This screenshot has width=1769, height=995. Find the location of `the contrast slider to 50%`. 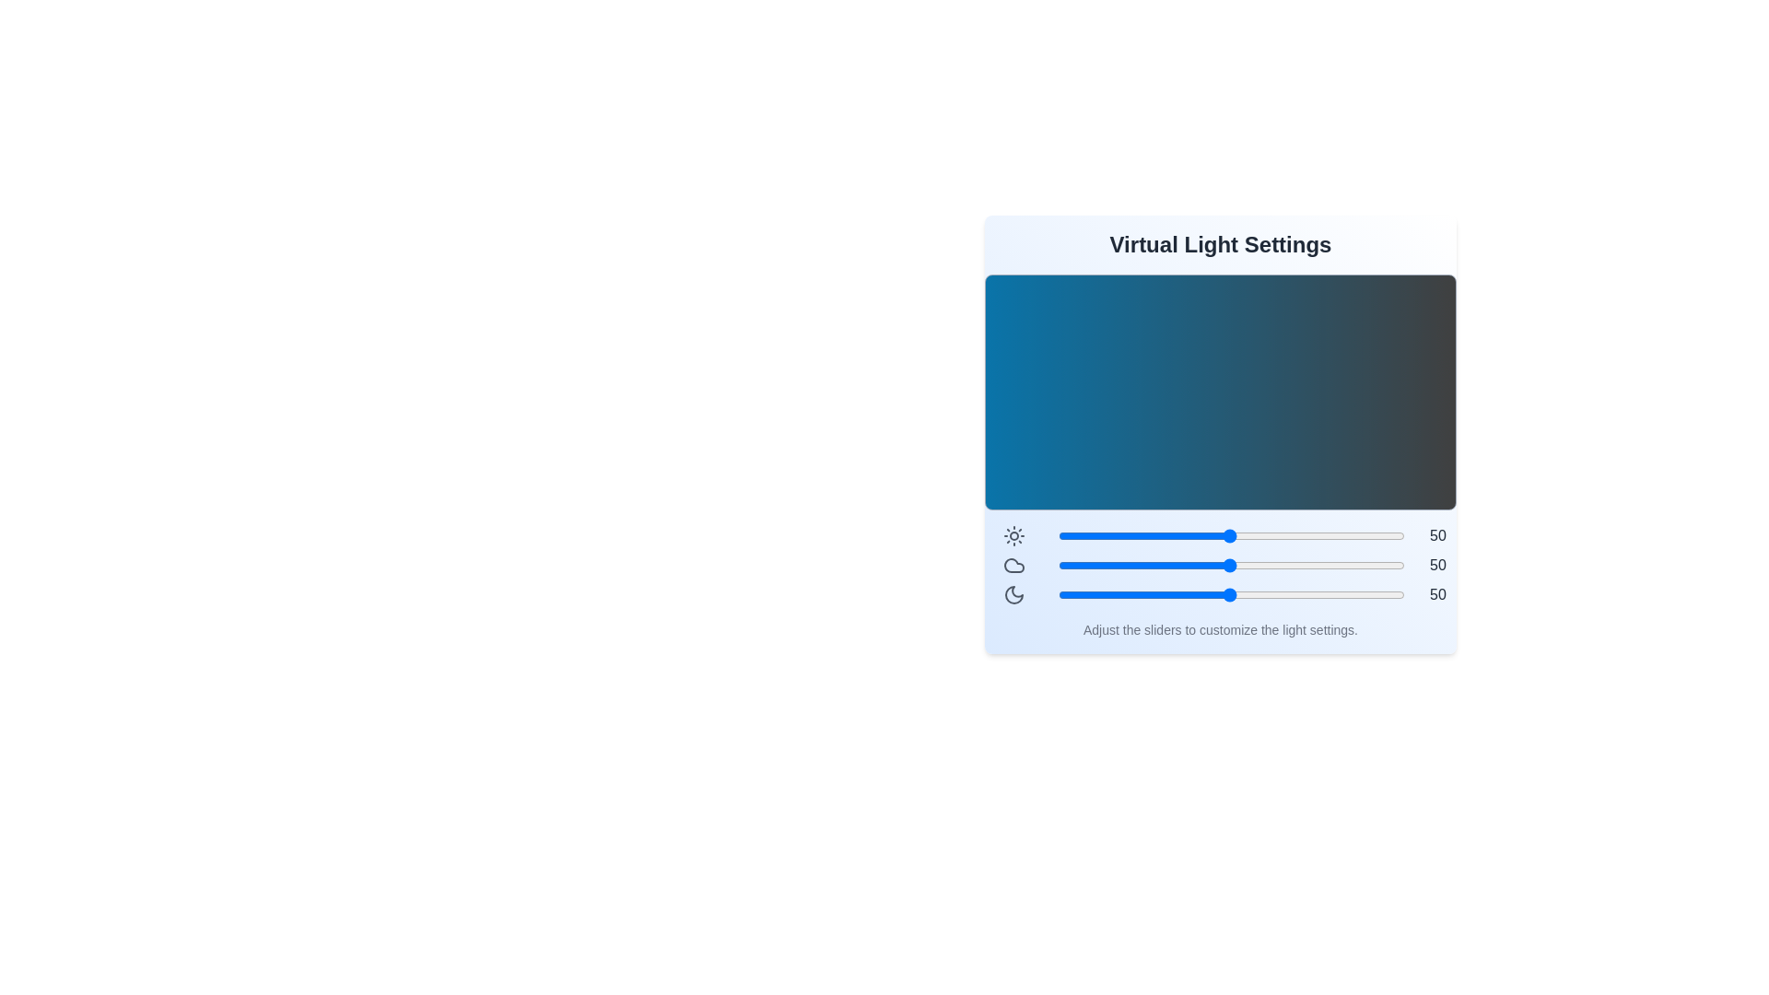

the contrast slider to 50% is located at coordinates (1230, 536).